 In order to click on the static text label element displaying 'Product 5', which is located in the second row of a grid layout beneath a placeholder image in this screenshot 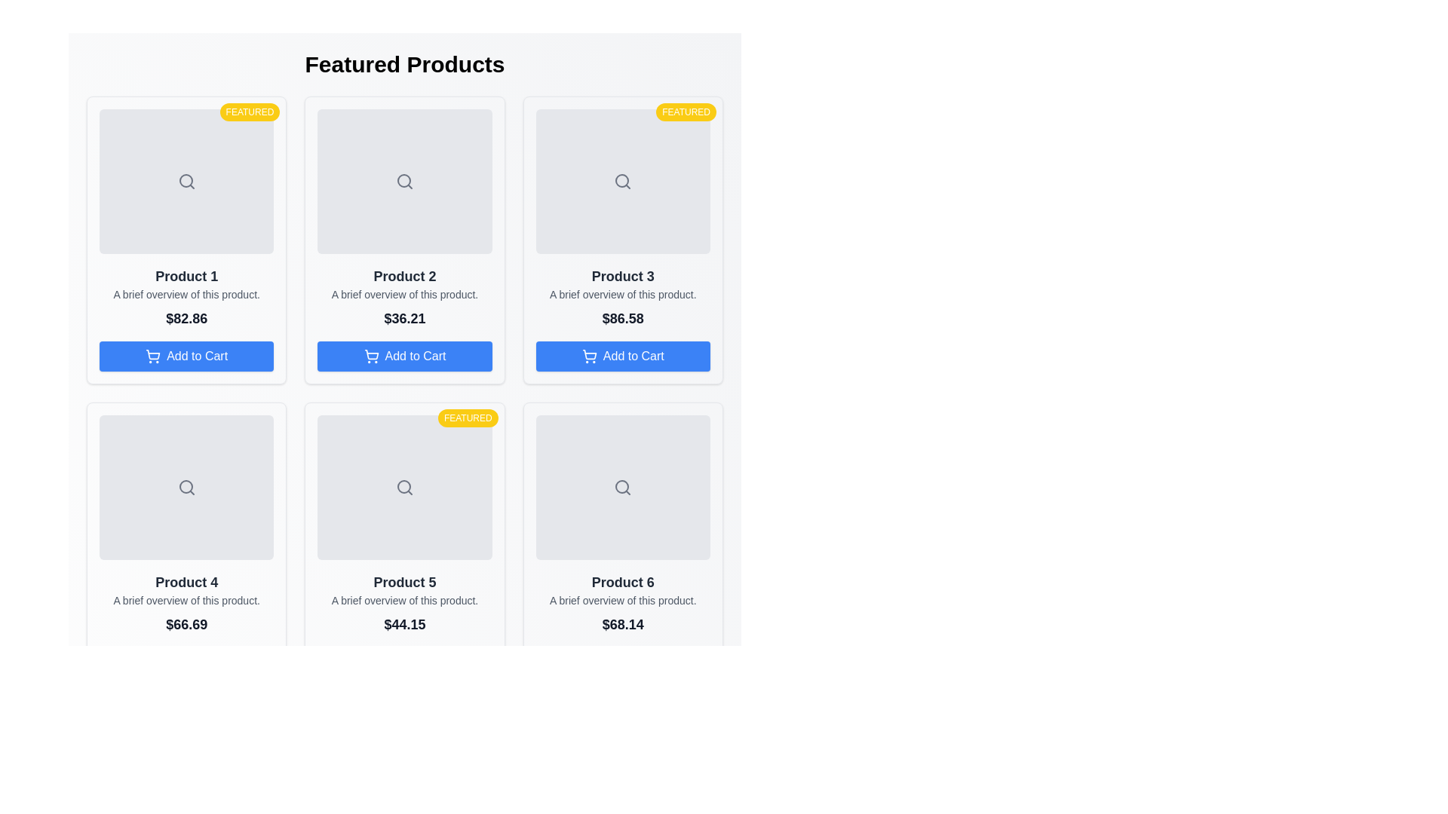, I will do `click(405, 581)`.